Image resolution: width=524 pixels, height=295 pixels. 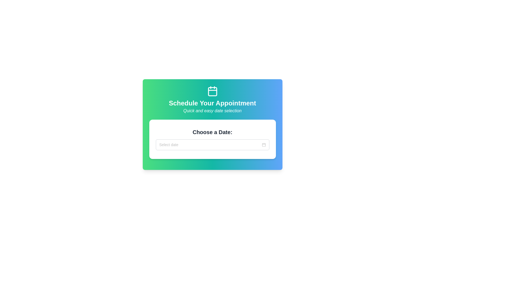 What do you see at coordinates (212, 91) in the screenshot?
I see `the central Decorative SVG element representing the body of the calendar icon located at the top center of the card layout` at bounding box center [212, 91].